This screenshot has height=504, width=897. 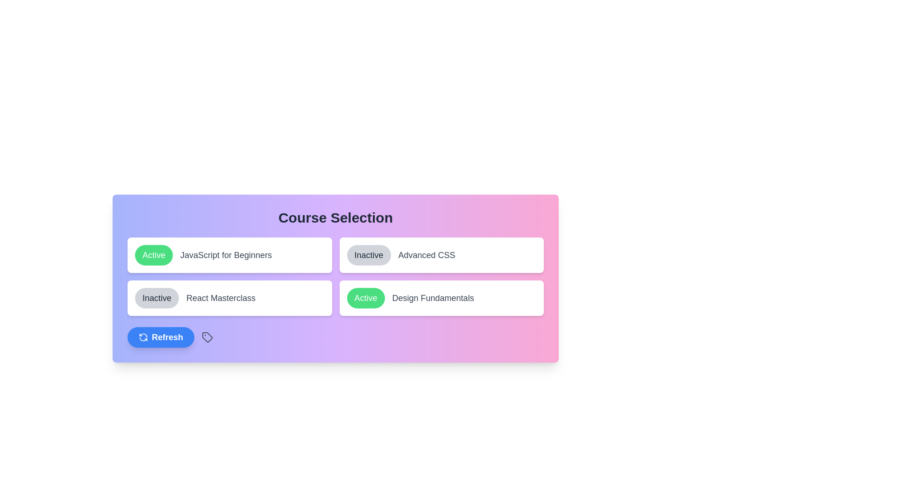 What do you see at coordinates (441, 298) in the screenshot?
I see `the Clickable Course Card that displays 'Active' in white text on a green button and 'Design Fundamentals' in dark gray text on a white background` at bounding box center [441, 298].